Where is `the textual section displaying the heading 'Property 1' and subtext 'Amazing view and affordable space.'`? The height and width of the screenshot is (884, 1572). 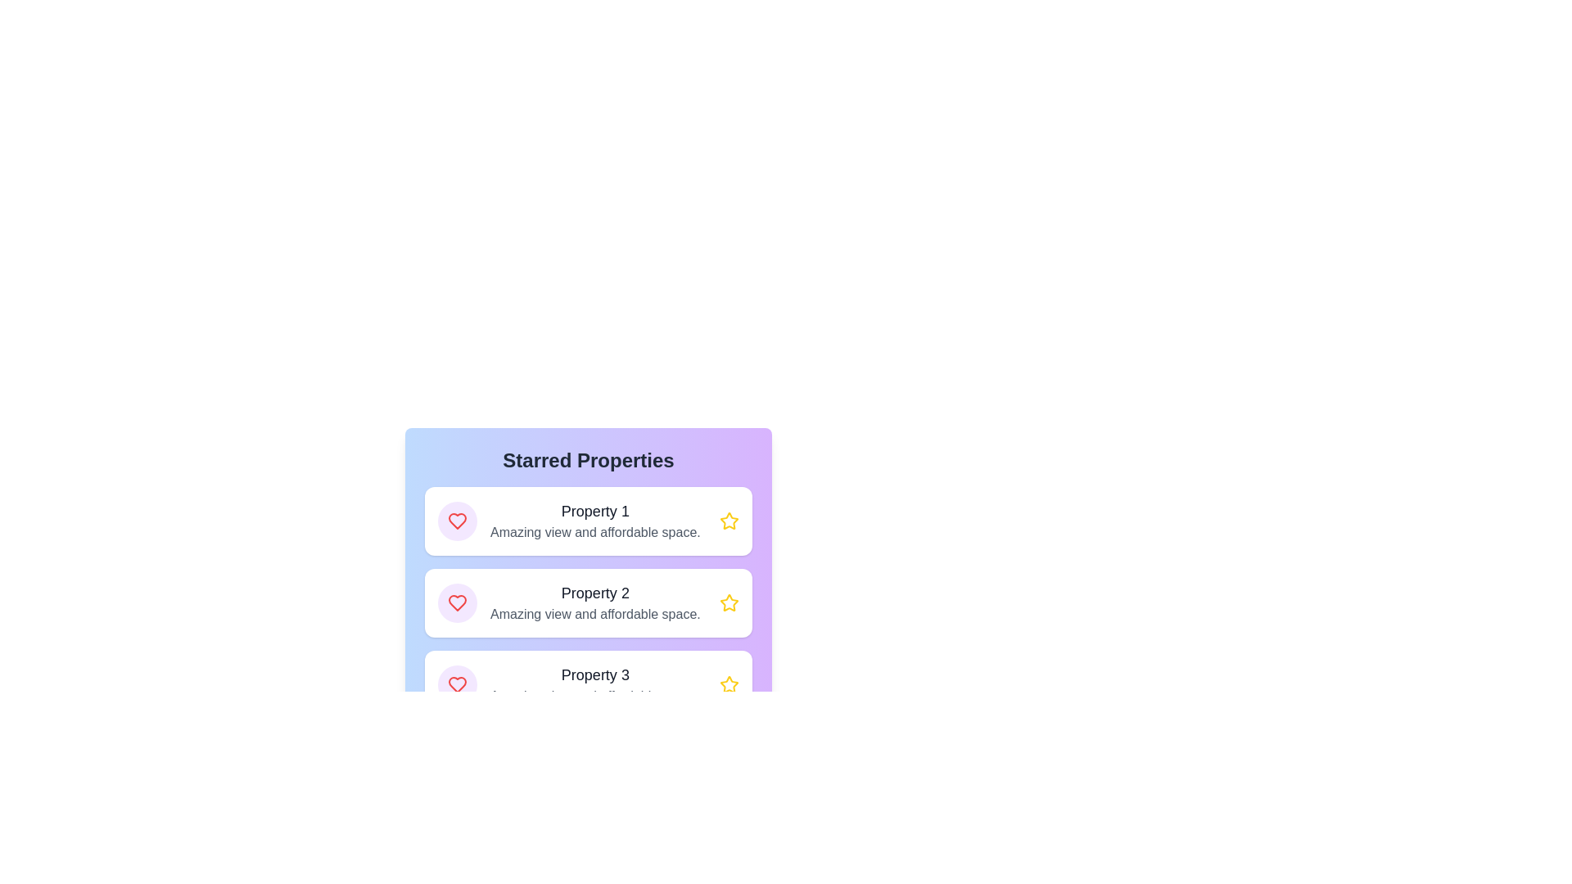
the textual section displaying the heading 'Property 1' and subtext 'Amazing view and affordable space.' is located at coordinates (594, 521).